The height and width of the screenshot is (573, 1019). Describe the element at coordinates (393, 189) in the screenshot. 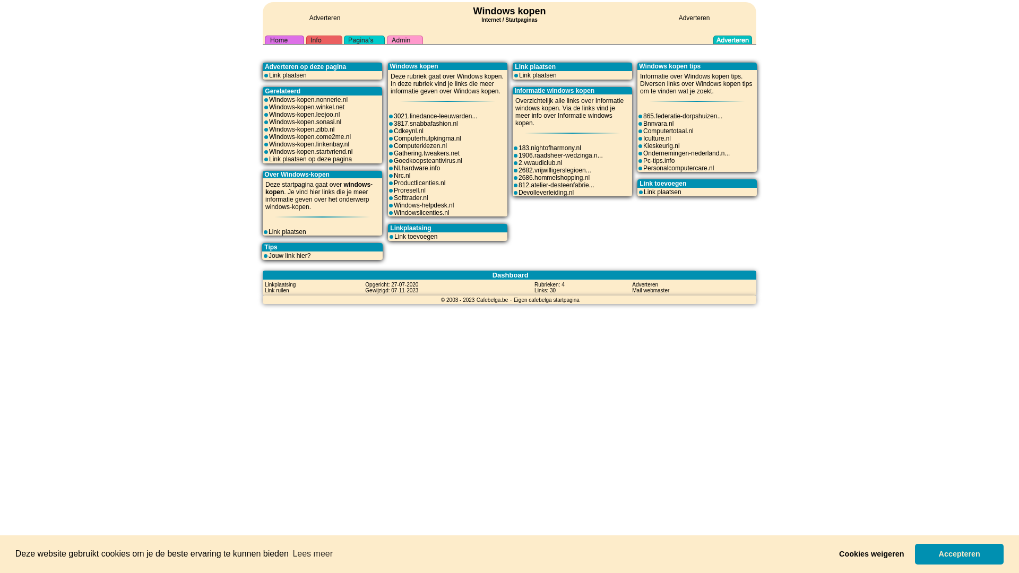

I see `'Proresell.nl'` at that location.